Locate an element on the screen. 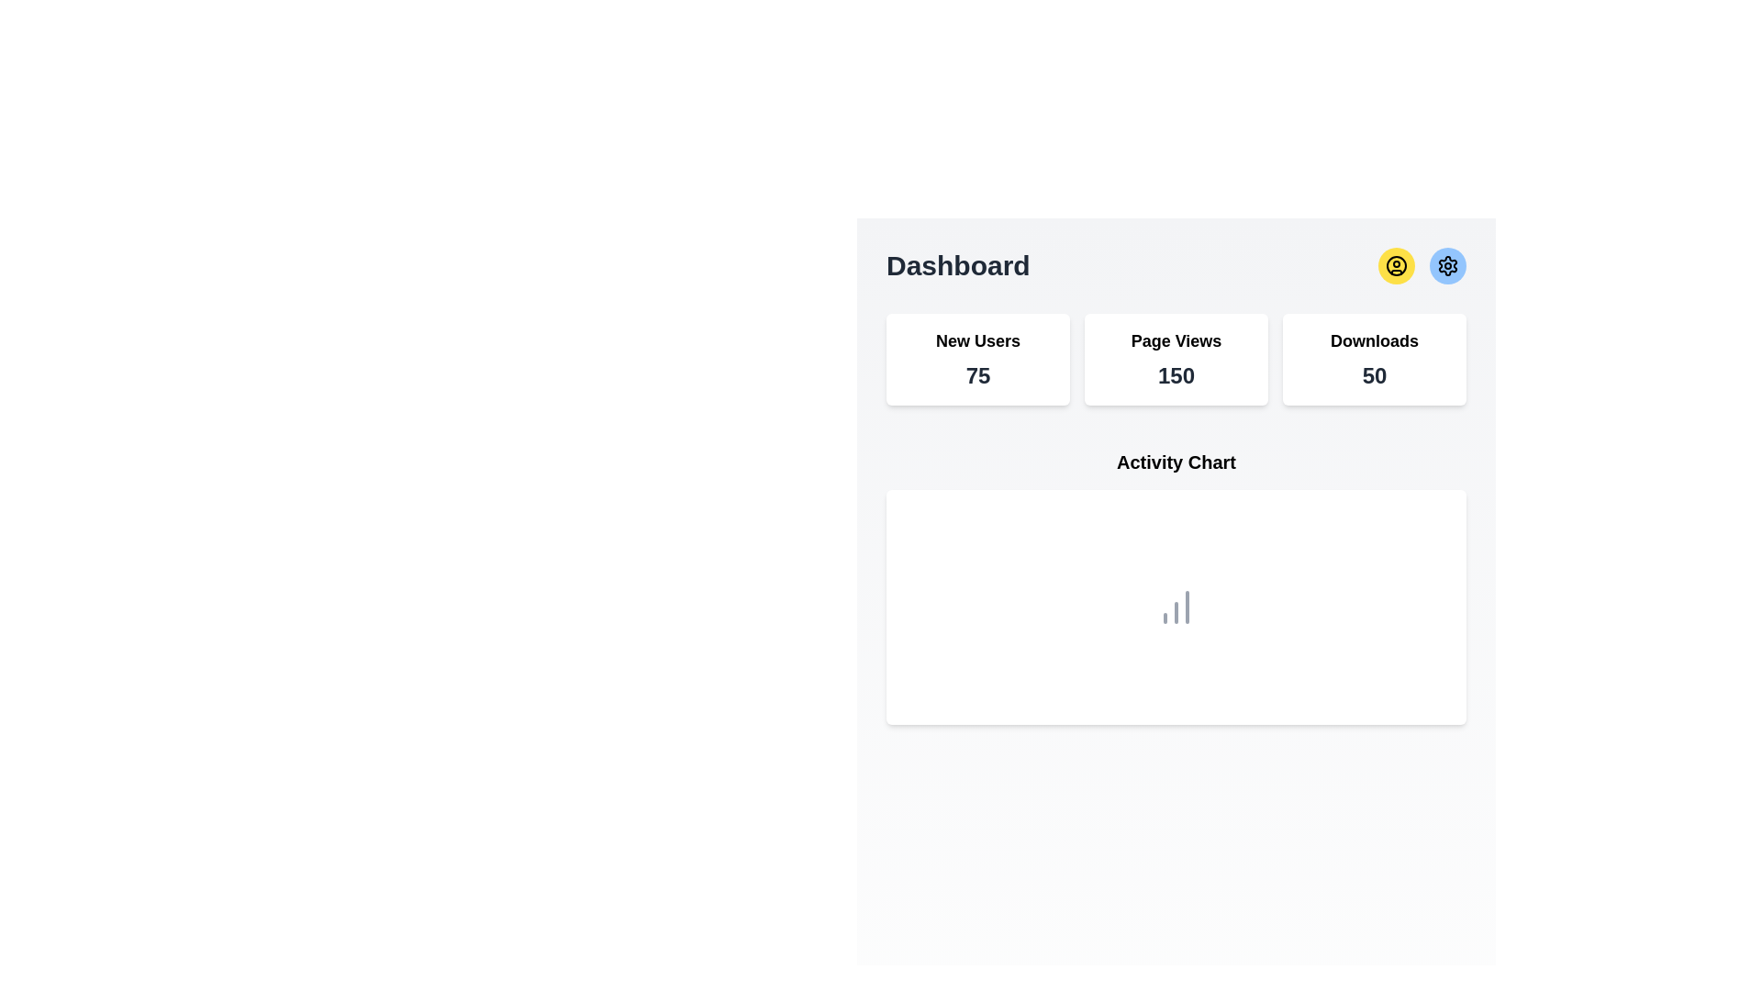 Image resolution: width=1762 pixels, height=991 pixels. the static text element labeled 'Activity Chart' that serves as the title for the section below it is located at coordinates (1176, 462).